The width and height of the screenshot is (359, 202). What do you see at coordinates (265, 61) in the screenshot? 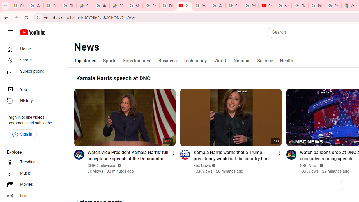
I see `'Science'` at bounding box center [265, 61].